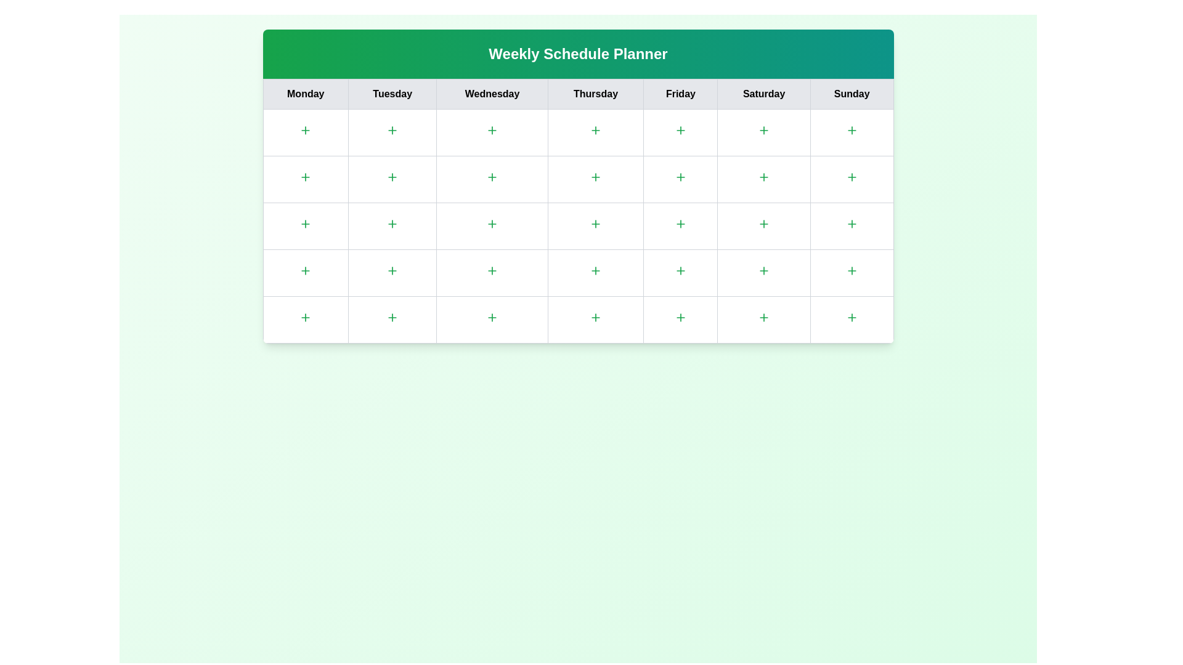  What do you see at coordinates (763, 94) in the screenshot?
I see `the column header for Saturday` at bounding box center [763, 94].